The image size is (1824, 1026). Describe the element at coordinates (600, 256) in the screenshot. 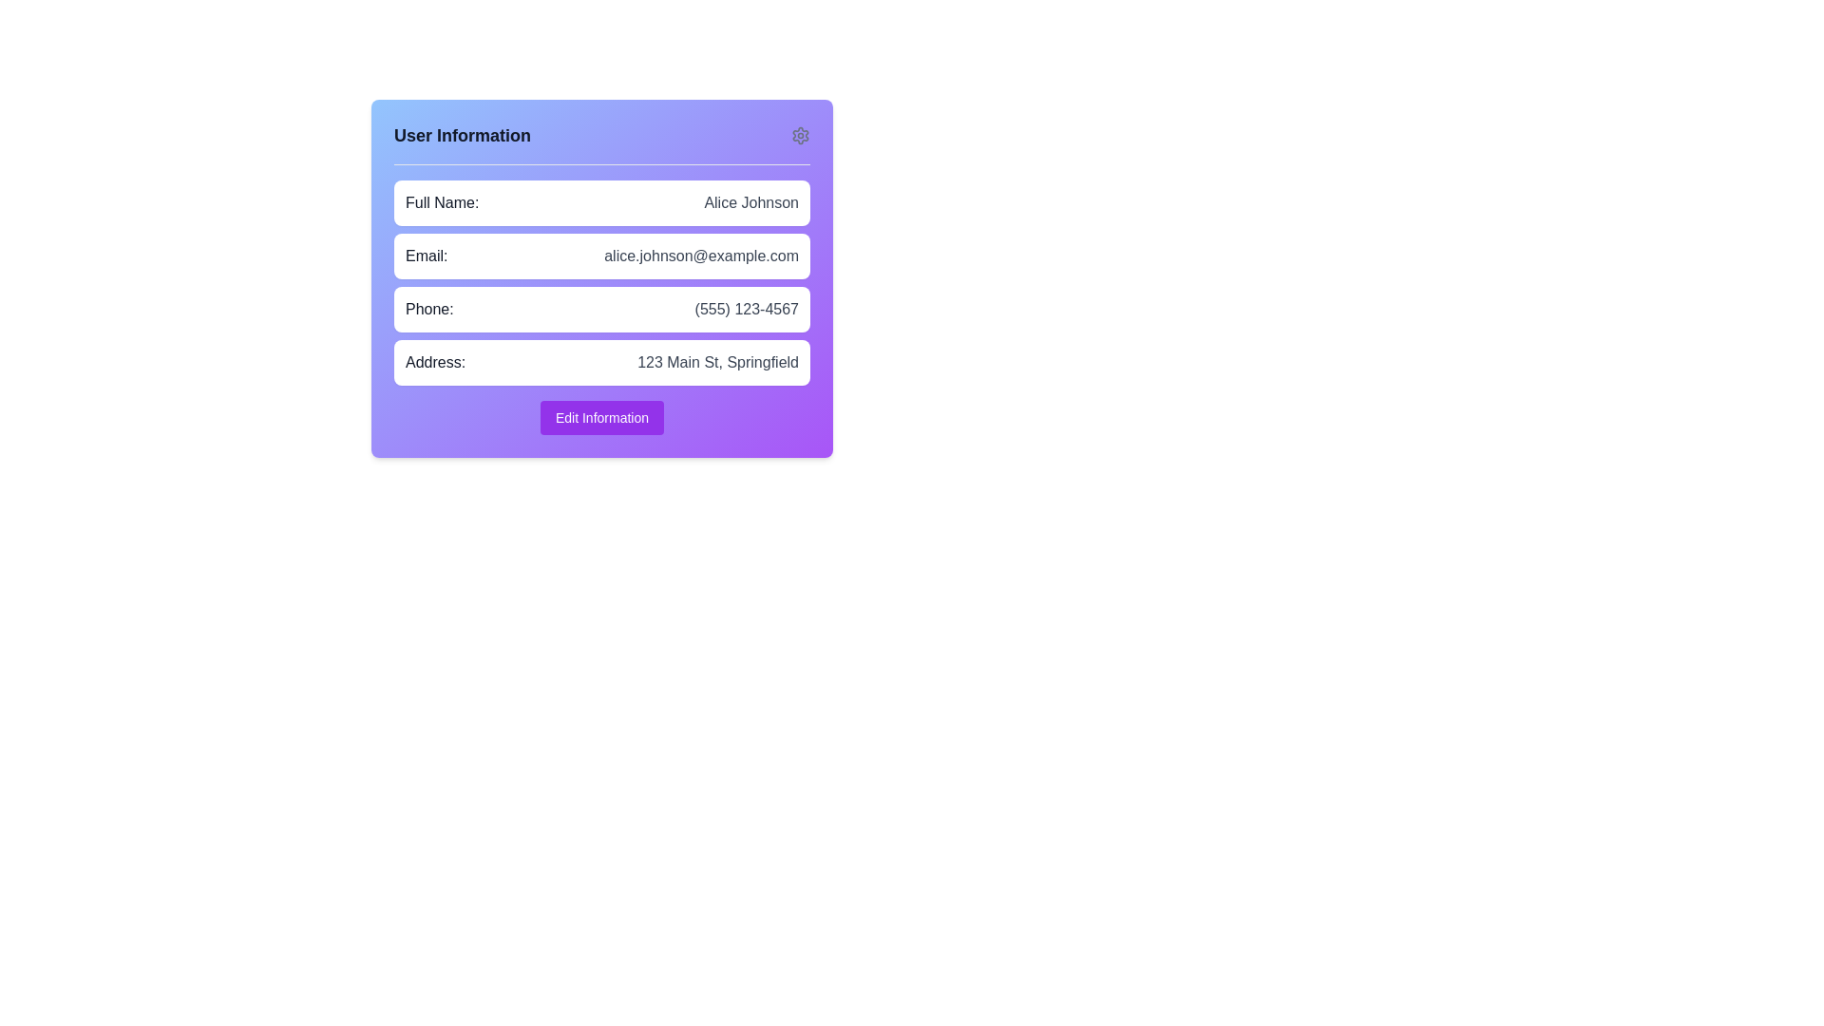

I see `the text display field that shows the user's email address, which is located in the second row of the vertical list of user details, directly below the 'Full Name' section` at that location.